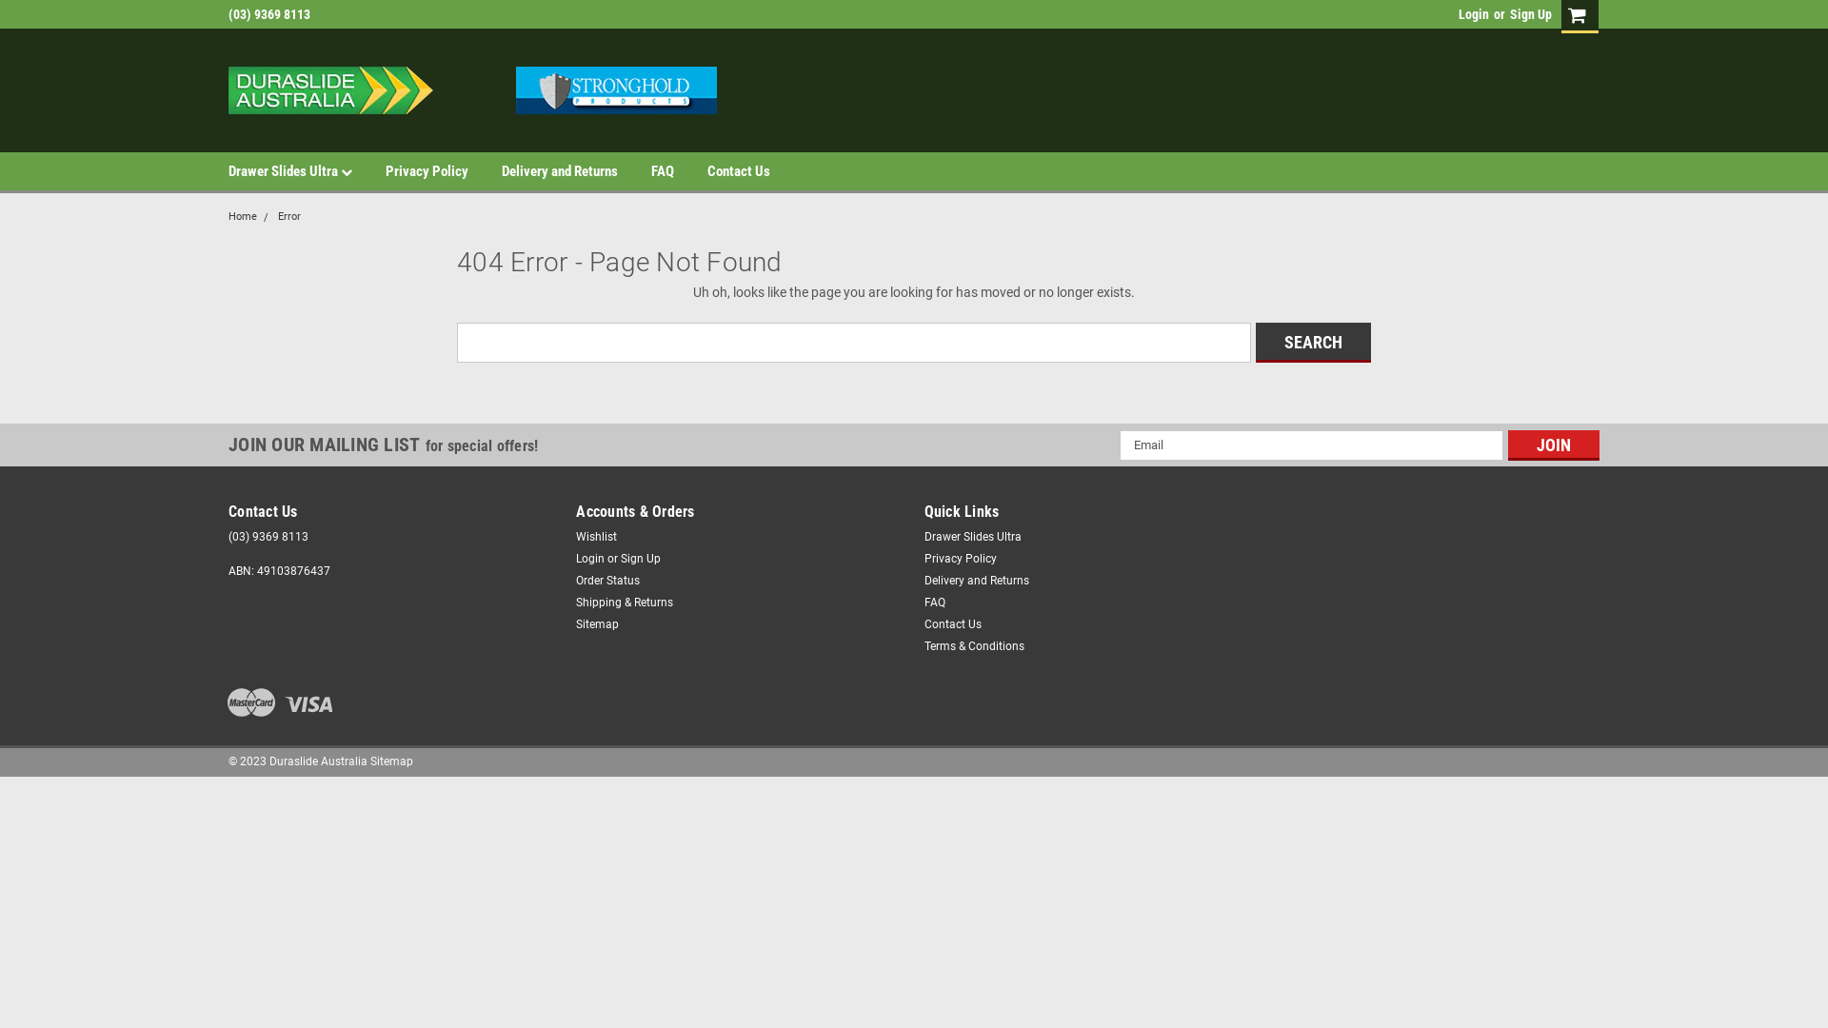 This screenshot has height=1028, width=1828. I want to click on 'Home', so click(228, 215).